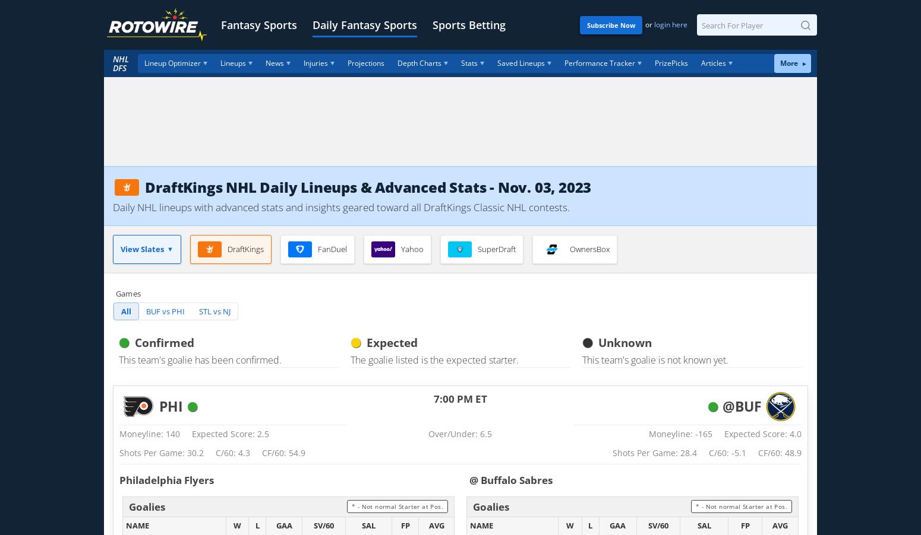 The width and height of the screenshot is (921, 535). Describe the element at coordinates (648, 433) in the screenshot. I see `'Moneyline: -165							   
							Expected Score: 4.0'` at that location.